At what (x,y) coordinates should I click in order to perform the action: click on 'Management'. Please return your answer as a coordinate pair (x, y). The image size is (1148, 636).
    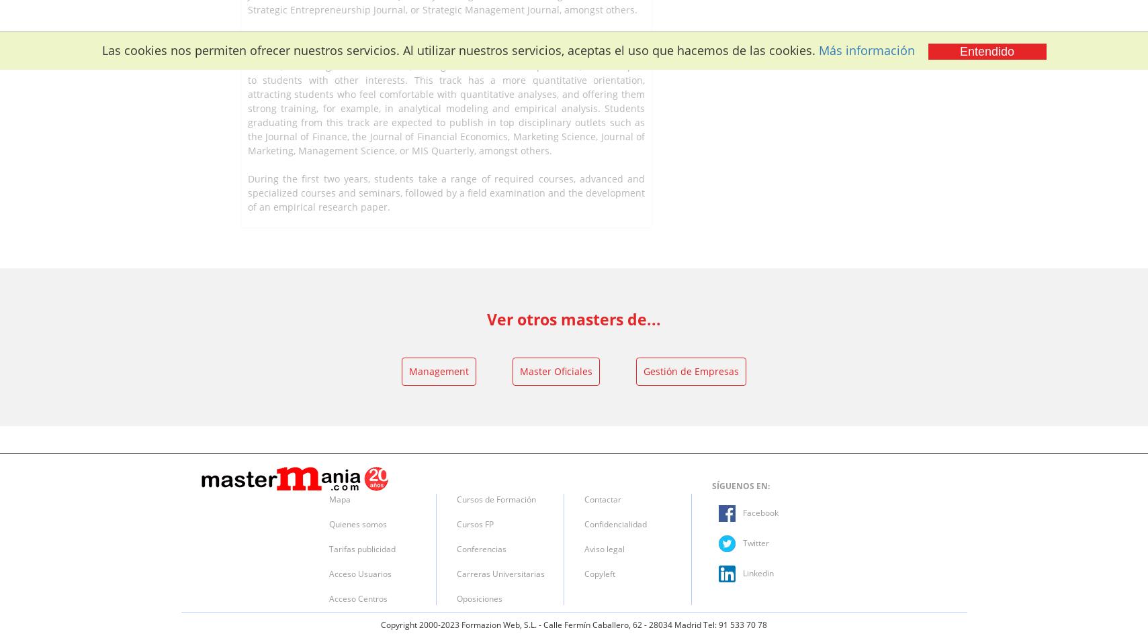
    Looking at the image, I should click on (408, 370).